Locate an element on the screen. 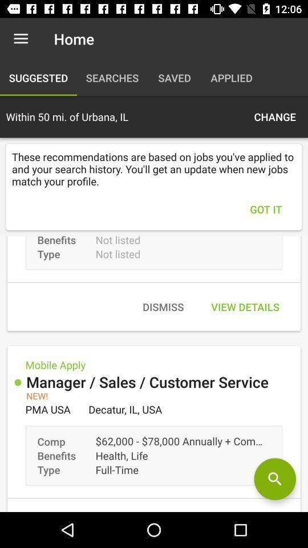 This screenshot has height=548, width=308. the icon next to dismiss is located at coordinates (245, 306).